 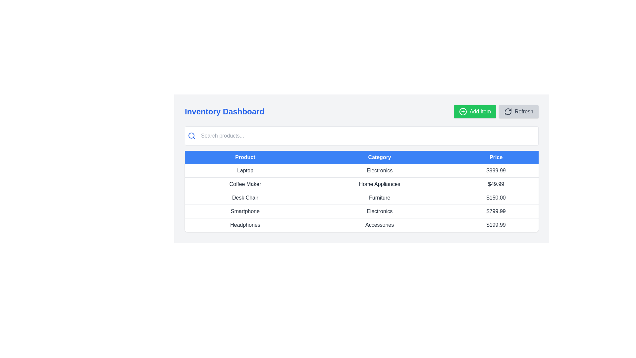 I want to click on price information displayed in the Text label located in the rightmost column of the third row of the table for the 'Desk Chair' product under the 'Furniture' category, so click(x=496, y=198).